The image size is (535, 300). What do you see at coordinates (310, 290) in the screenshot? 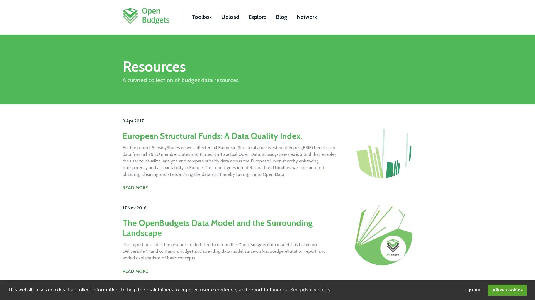
I see `learn more about cookies` at bounding box center [310, 290].